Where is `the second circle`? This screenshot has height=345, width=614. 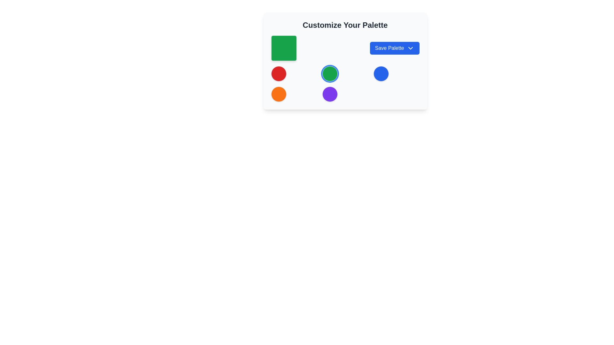 the second circle is located at coordinates (330, 73).